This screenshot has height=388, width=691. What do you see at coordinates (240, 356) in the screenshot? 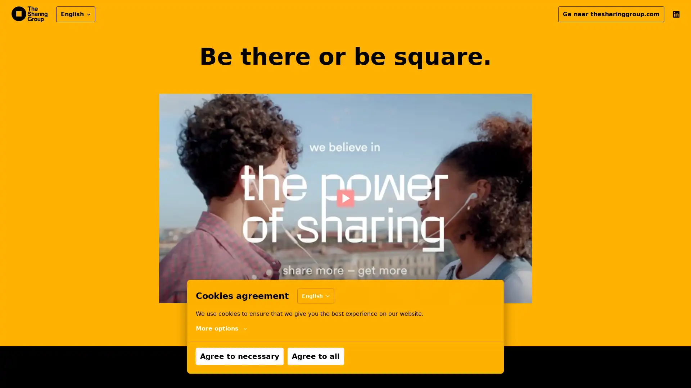
I see `Agree to necessary` at bounding box center [240, 356].